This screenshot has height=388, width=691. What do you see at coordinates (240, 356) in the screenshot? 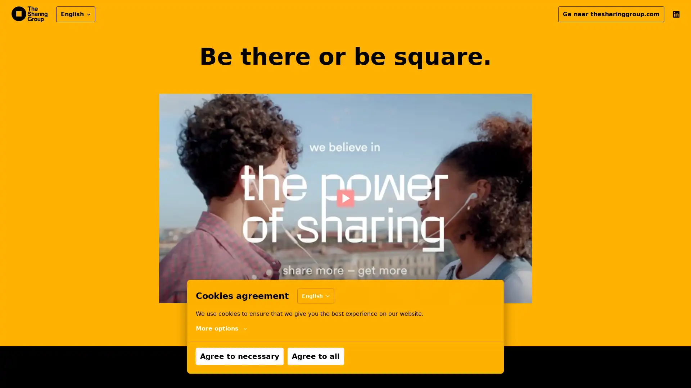
I see `Agree to necessary` at bounding box center [240, 356].